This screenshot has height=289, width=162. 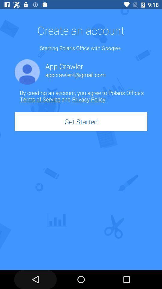 What do you see at coordinates (83, 96) in the screenshot?
I see `icon above get started` at bounding box center [83, 96].